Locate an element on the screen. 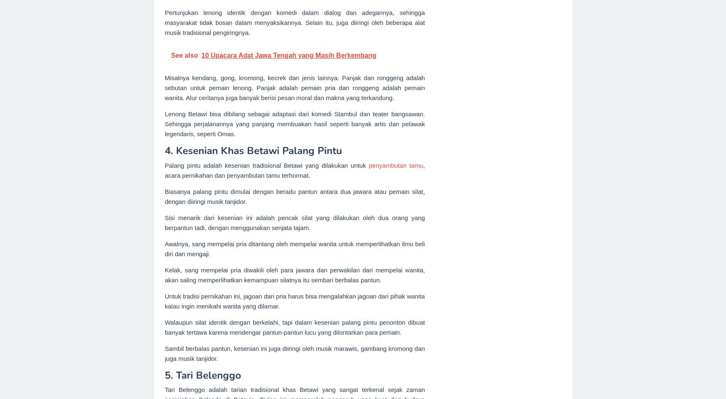 This screenshot has height=399, width=726. 'Palang Pintu' is located at coordinates (312, 150).